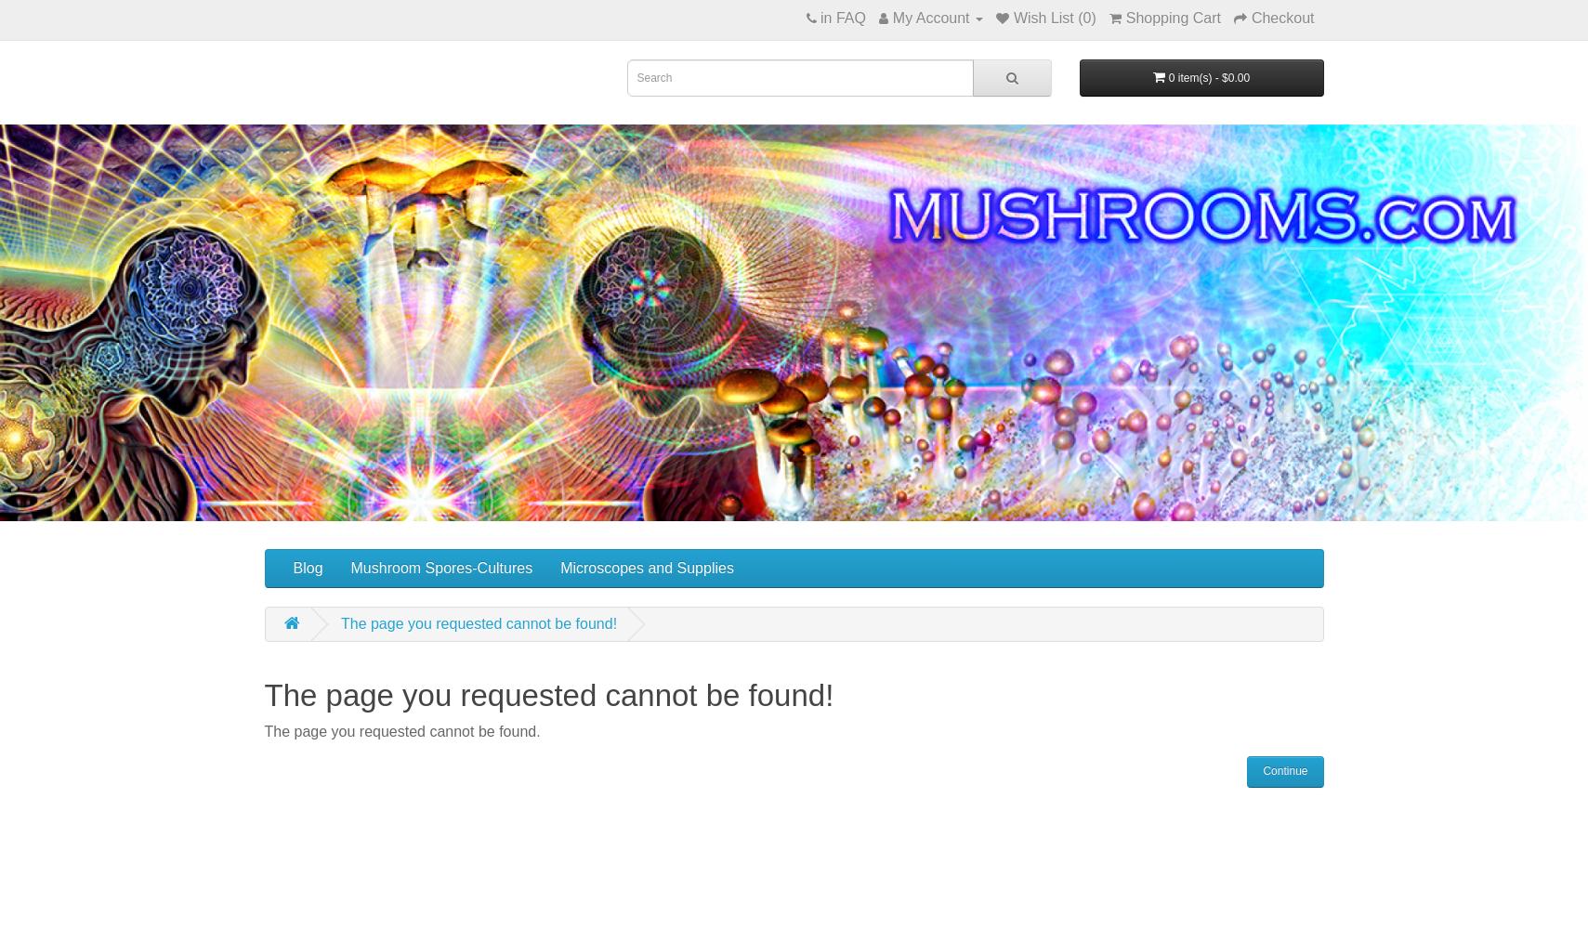  Describe the element at coordinates (1054, 18) in the screenshot. I see `'Wish List (0)'` at that location.